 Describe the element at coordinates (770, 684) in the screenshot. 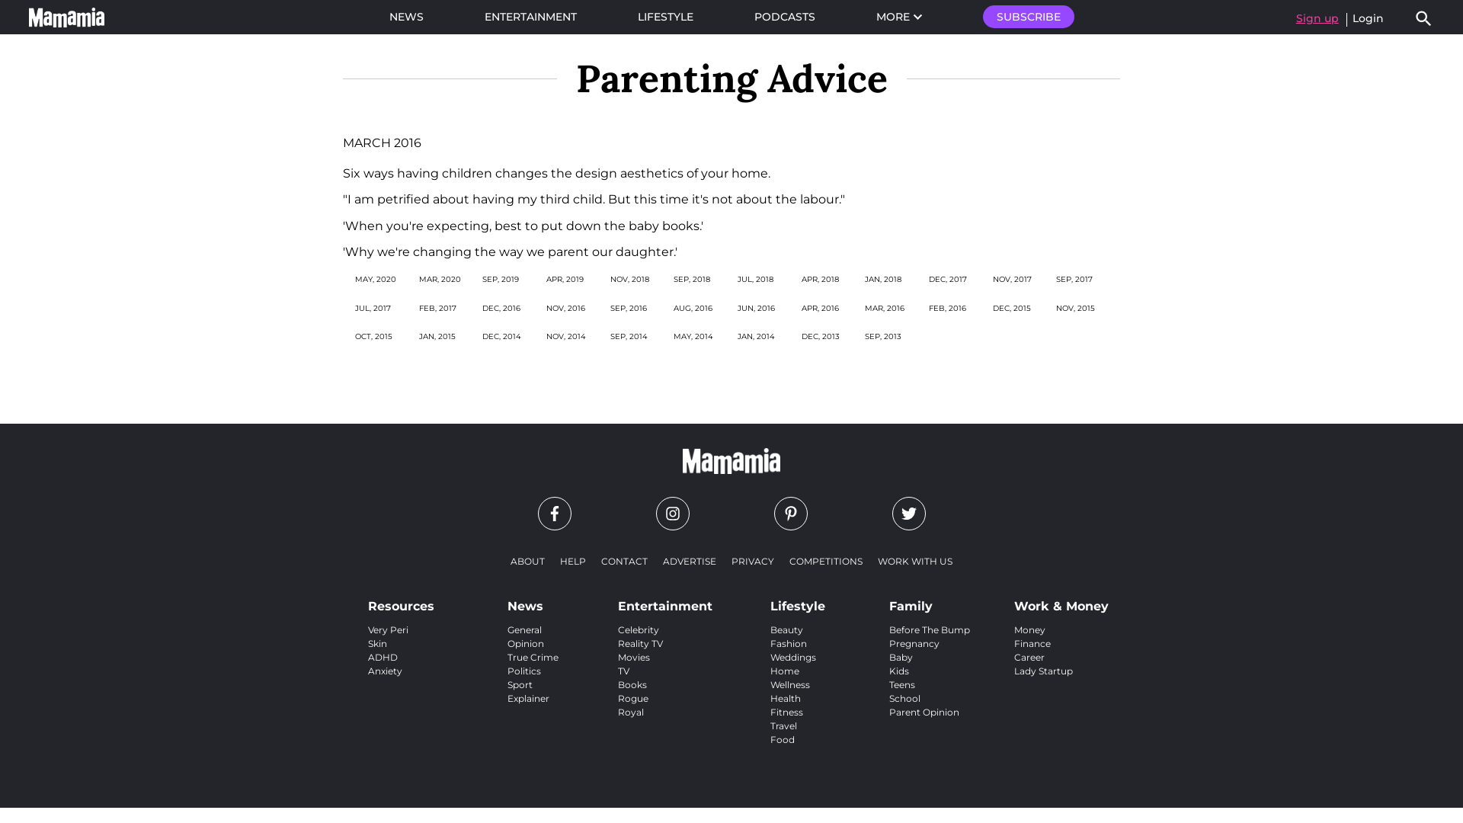

I see `'Wellness'` at that location.